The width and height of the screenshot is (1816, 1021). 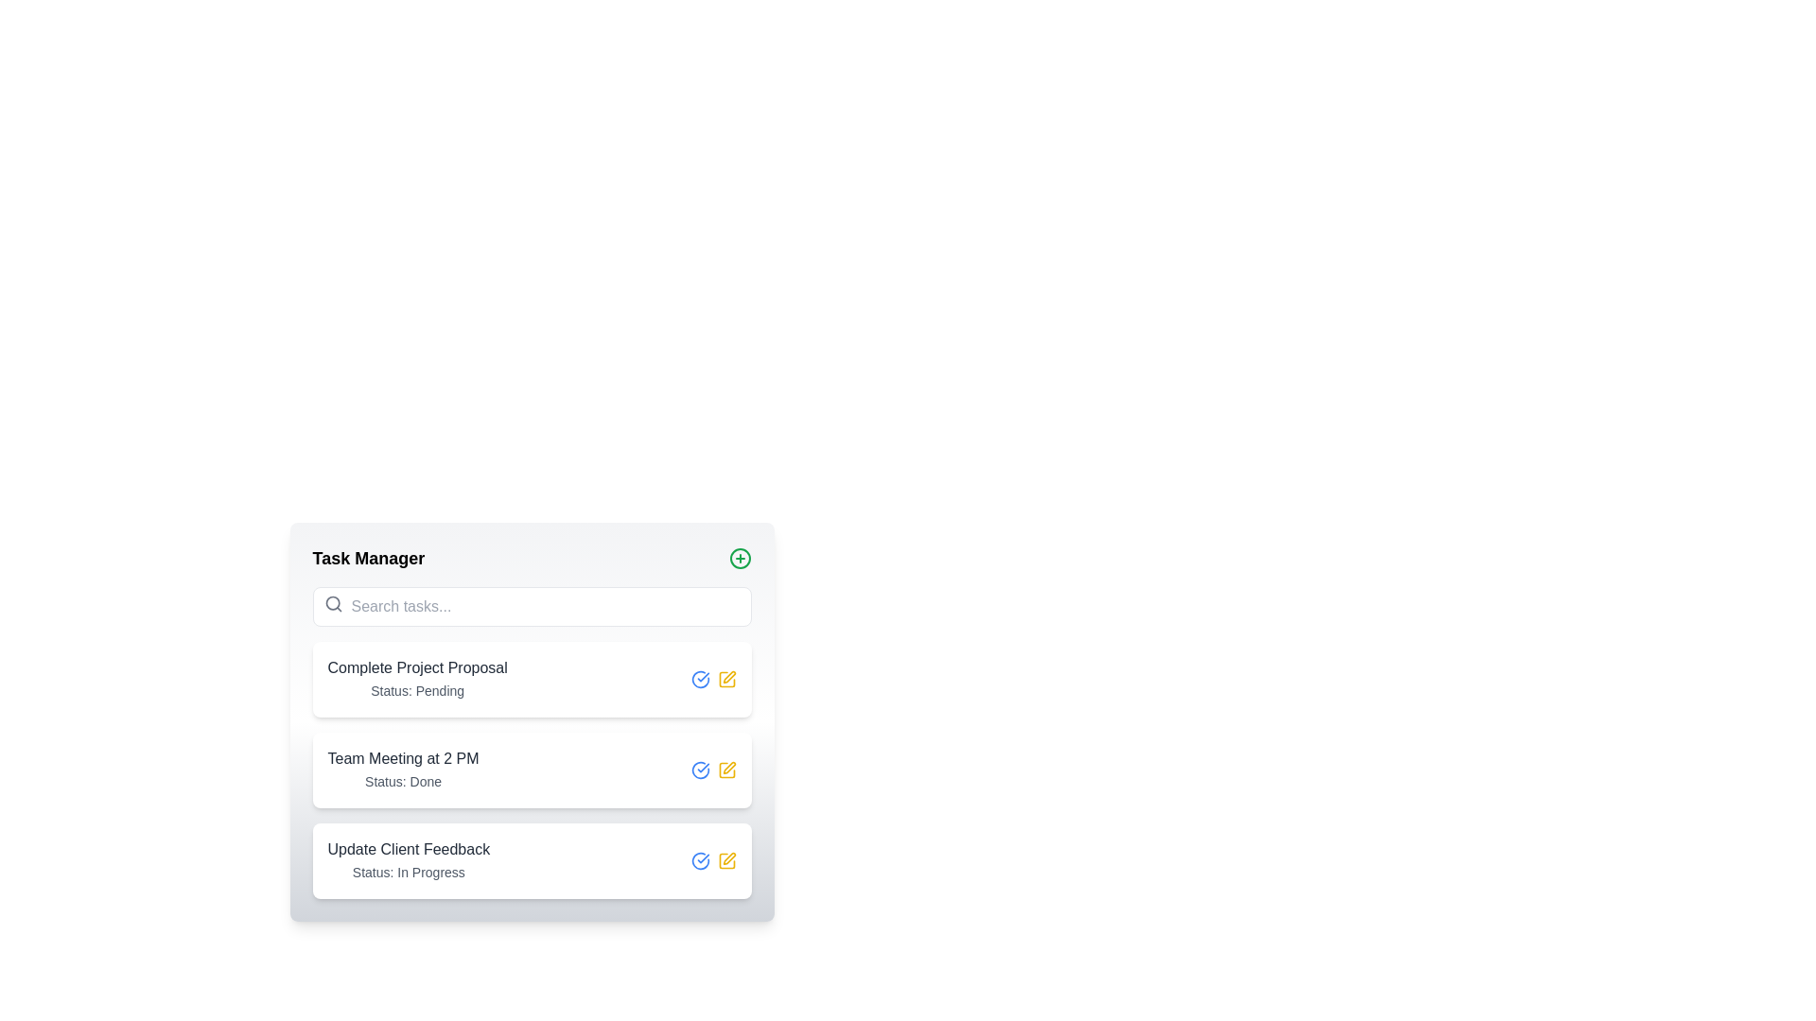 What do you see at coordinates (699, 678) in the screenshot?
I see `the checkmark icon within a circle` at bounding box center [699, 678].